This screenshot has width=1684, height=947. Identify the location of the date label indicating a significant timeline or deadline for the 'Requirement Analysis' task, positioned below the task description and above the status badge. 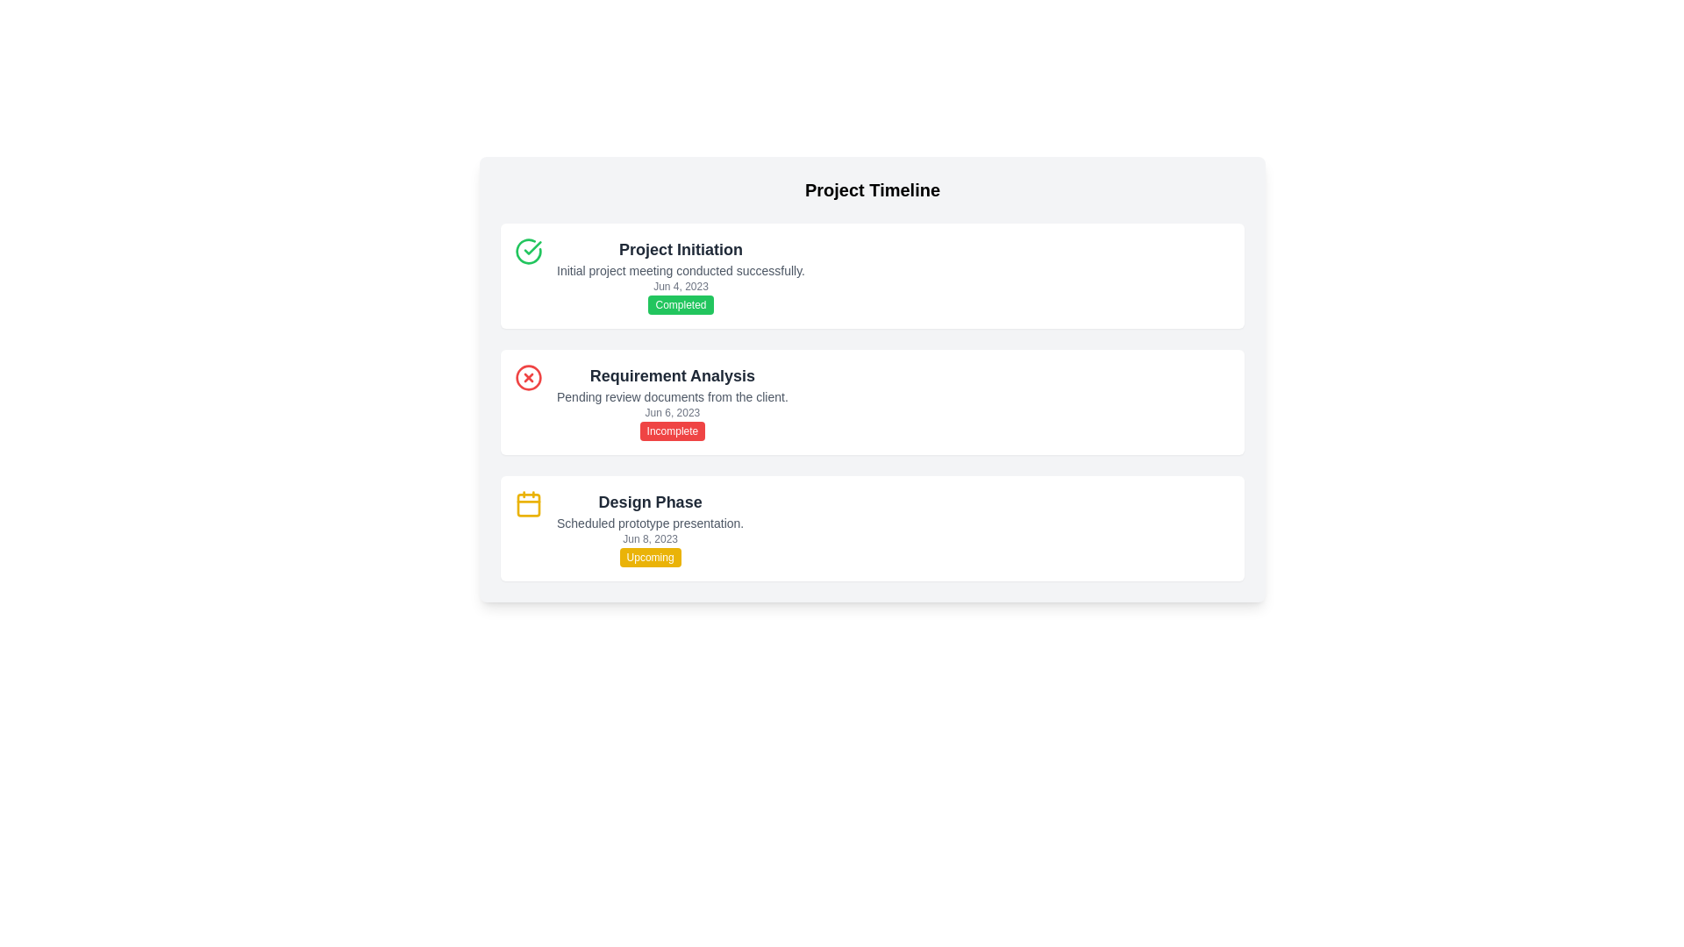
(671, 412).